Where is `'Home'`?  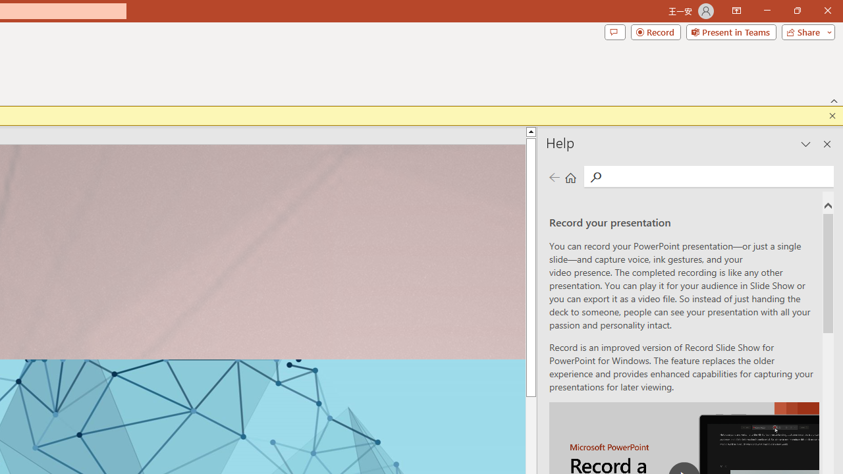 'Home' is located at coordinates (570, 176).